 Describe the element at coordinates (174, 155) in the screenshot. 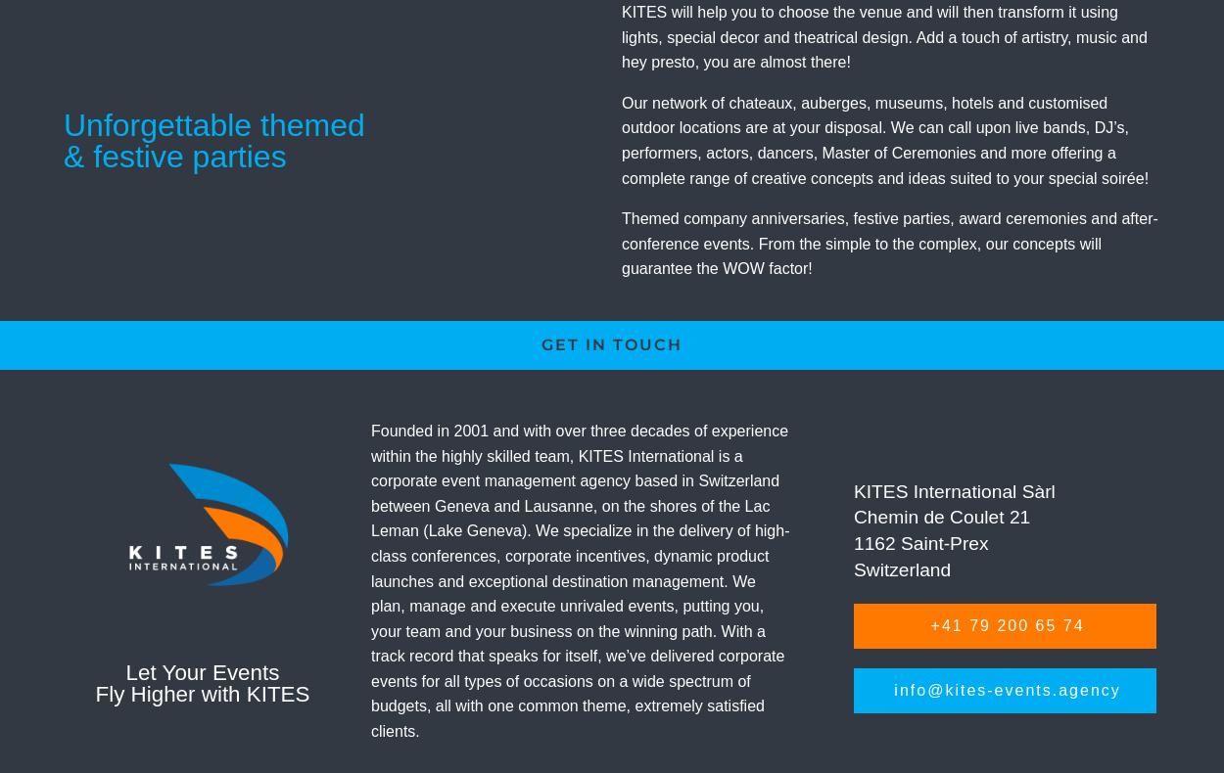

I see `'& festive parties'` at that location.